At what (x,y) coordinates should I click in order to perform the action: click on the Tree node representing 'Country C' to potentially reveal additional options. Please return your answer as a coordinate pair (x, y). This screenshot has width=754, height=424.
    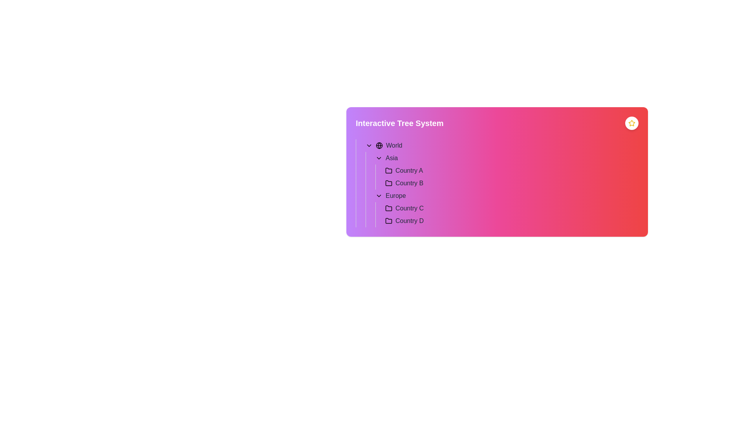
    Looking at the image, I should click on (512, 208).